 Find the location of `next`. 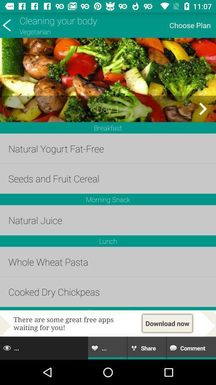

next is located at coordinates (203, 108).